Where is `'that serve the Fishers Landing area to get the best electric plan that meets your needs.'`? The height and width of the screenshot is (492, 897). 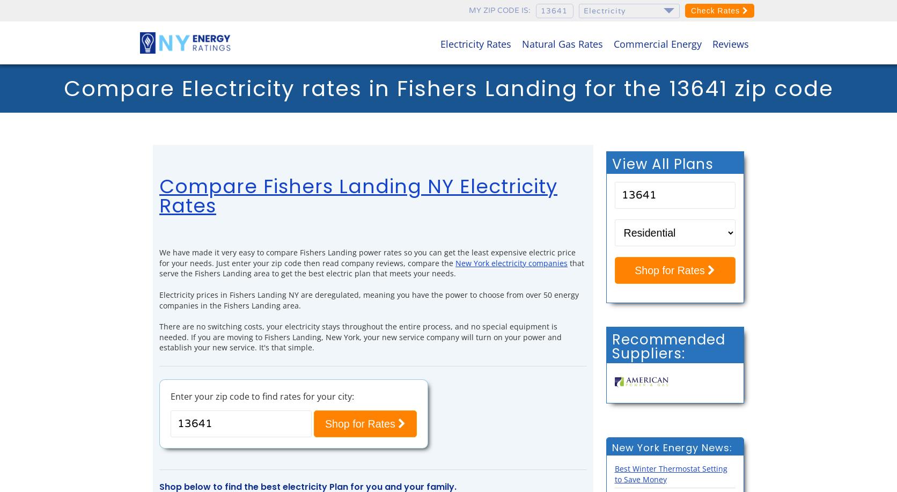
'that serve the Fishers Landing area to get the best electric plan that meets your needs.' is located at coordinates (372, 267).